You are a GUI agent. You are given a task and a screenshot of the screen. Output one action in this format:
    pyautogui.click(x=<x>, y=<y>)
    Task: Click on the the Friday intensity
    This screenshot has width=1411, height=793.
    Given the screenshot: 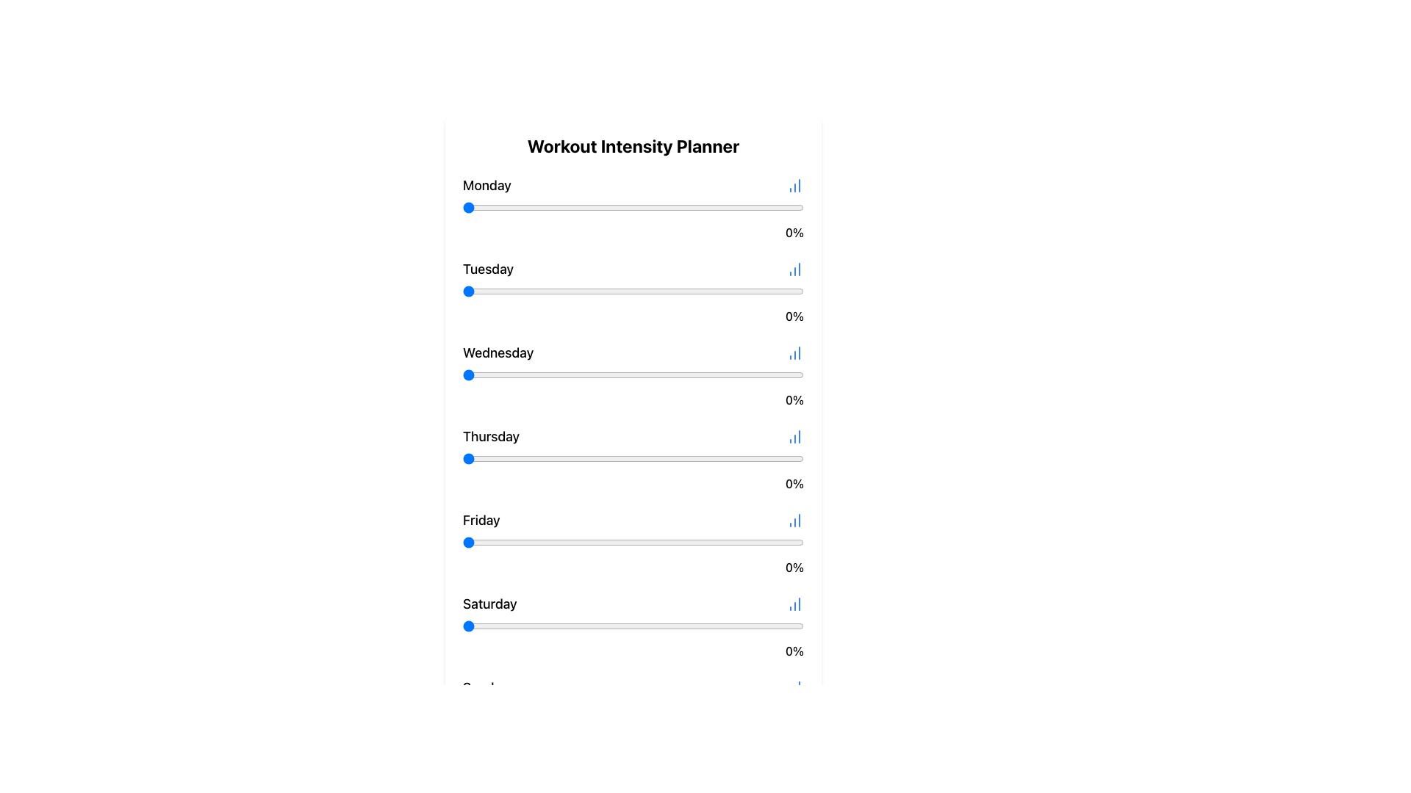 What is the action you would take?
    pyautogui.click(x=796, y=543)
    